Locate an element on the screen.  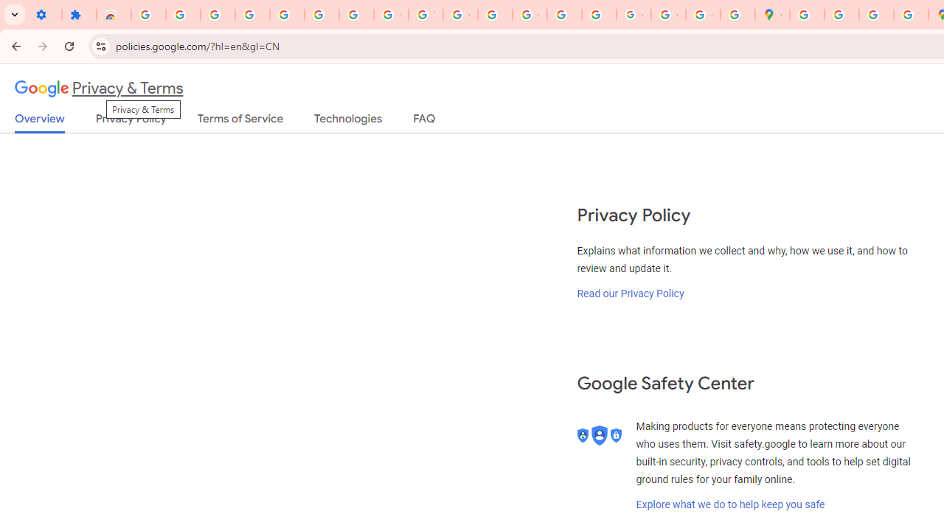
'Reviews: Helix Fruit Jump Arcade Game' is located at coordinates (113, 15).